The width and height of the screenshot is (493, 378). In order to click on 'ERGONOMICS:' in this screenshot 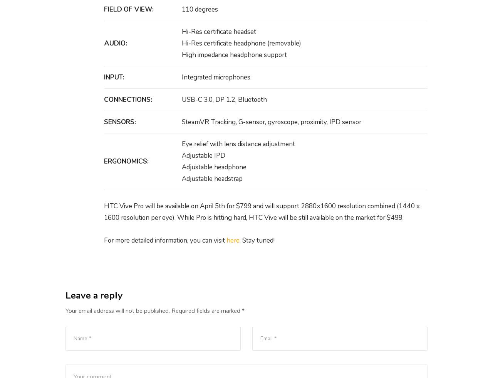, I will do `click(103, 161)`.